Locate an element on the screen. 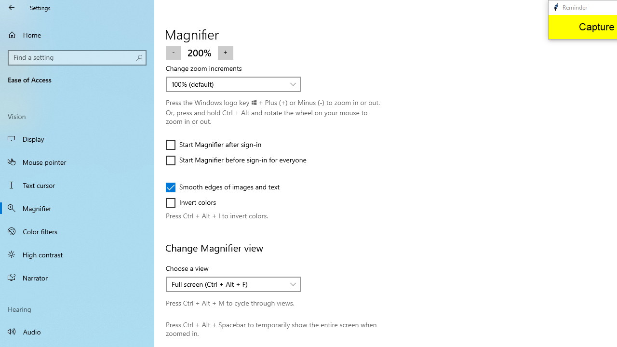 This screenshot has height=347, width=617. 'Mouse pointer' is located at coordinates (77, 161).